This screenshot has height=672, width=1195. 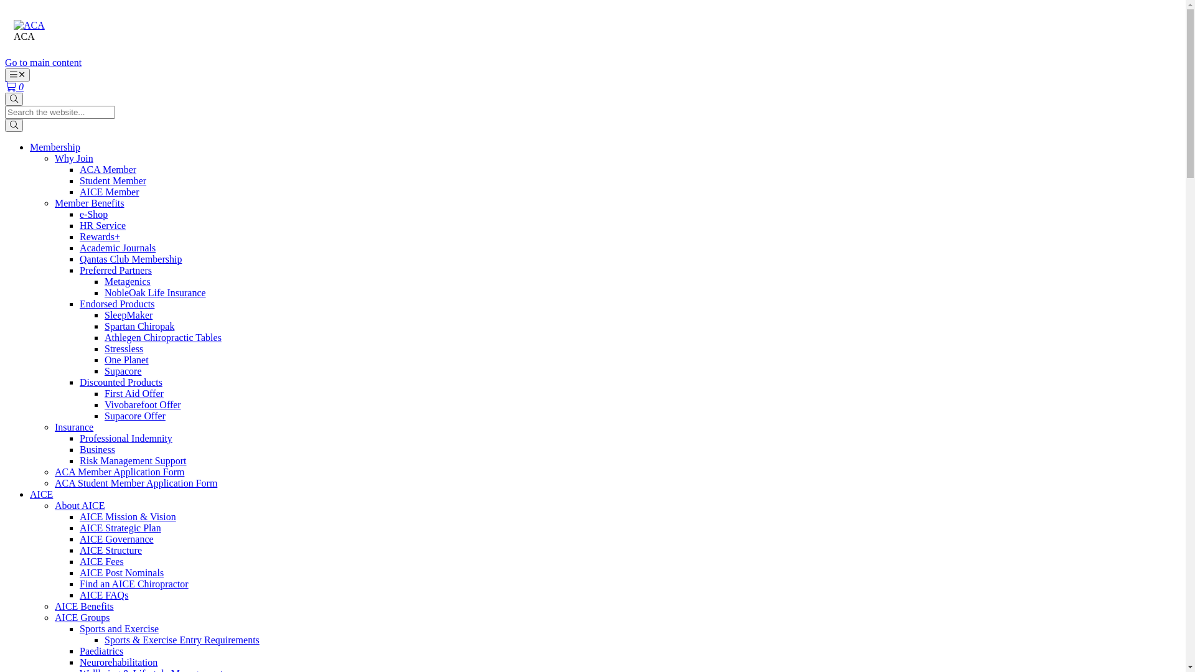 What do you see at coordinates (133, 460) in the screenshot?
I see `'Risk Management Support'` at bounding box center [133, 460].